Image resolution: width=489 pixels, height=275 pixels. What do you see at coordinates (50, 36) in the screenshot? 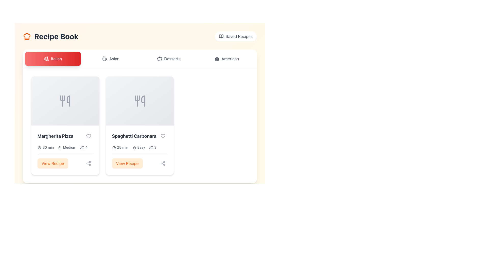
I see `the 'Recipe Book' text label with the accompanying orange chef hat icon, which is positioned in the upper-left corner of the interface beneath the top navigation area` at bounding box center [50, 36].